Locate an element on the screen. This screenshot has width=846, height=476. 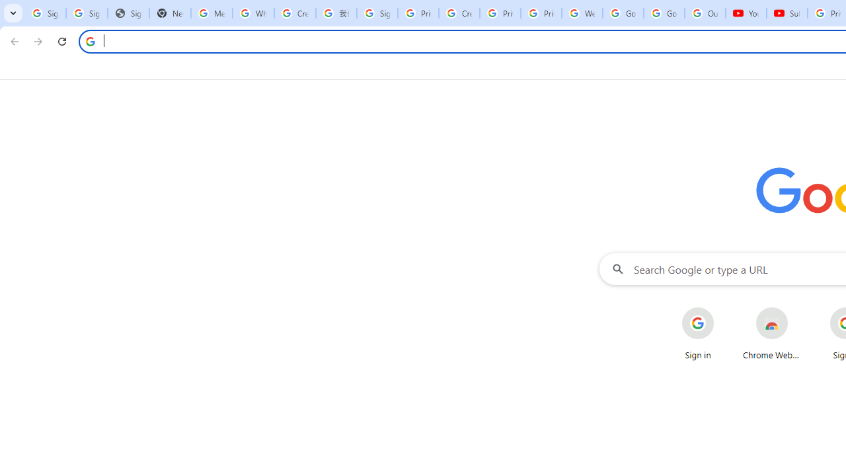
'Sign In - USA TODAY' is located at coordinates (128, 13).